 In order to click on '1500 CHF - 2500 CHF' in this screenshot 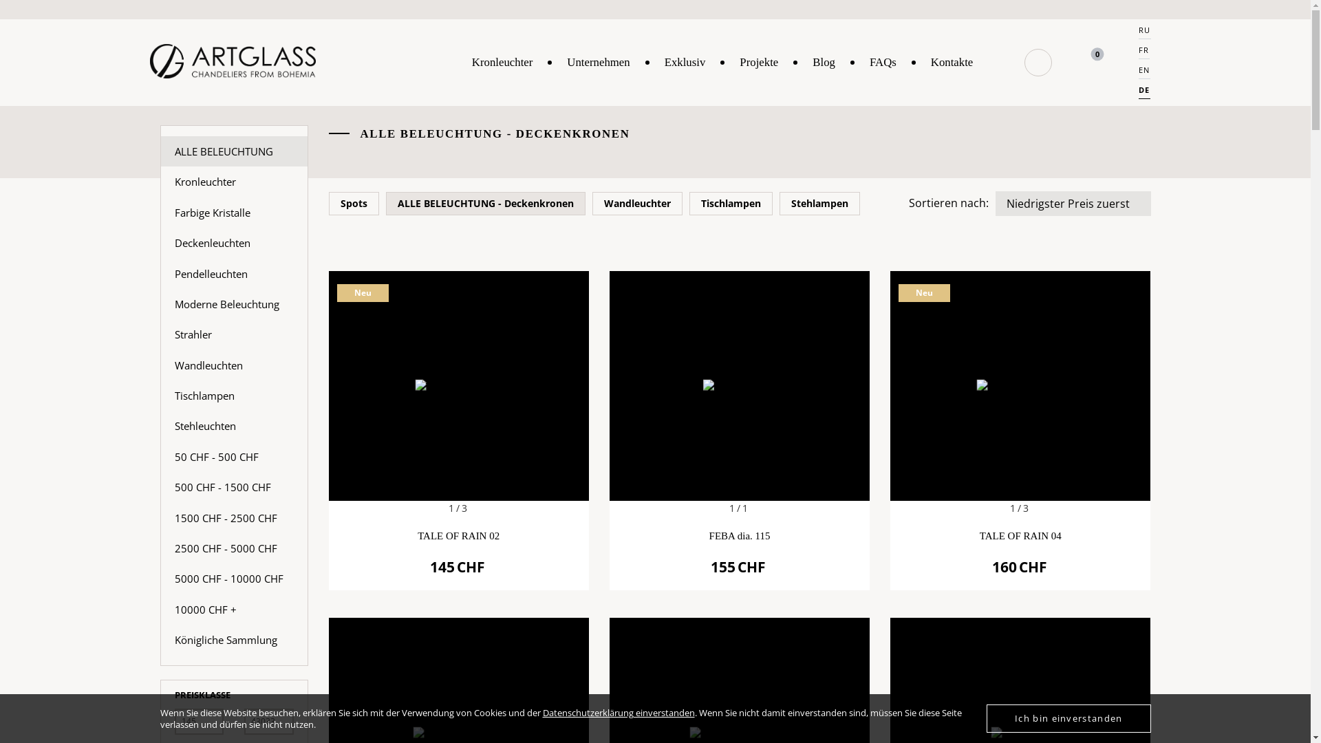, I will do `click(234, 517)`.